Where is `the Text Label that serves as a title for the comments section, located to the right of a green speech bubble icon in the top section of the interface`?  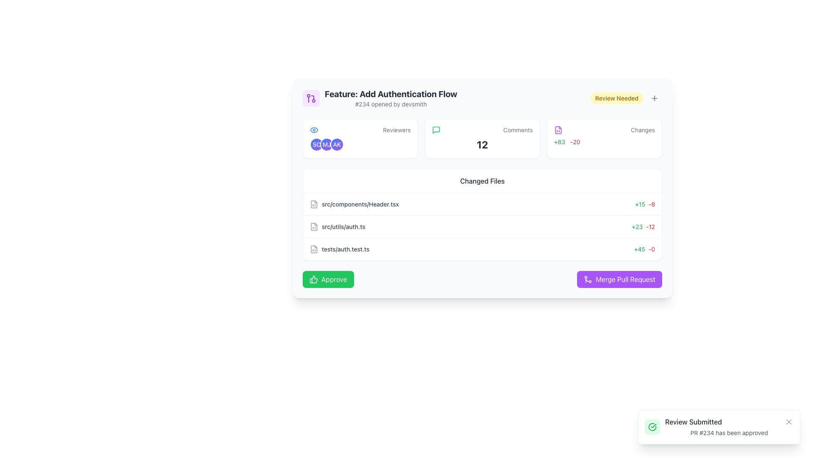 the Text Label that serves as a title for the comments section, located to the right of a green speech bubble icon in the top section of the interface is located at coordinates (518, 130).